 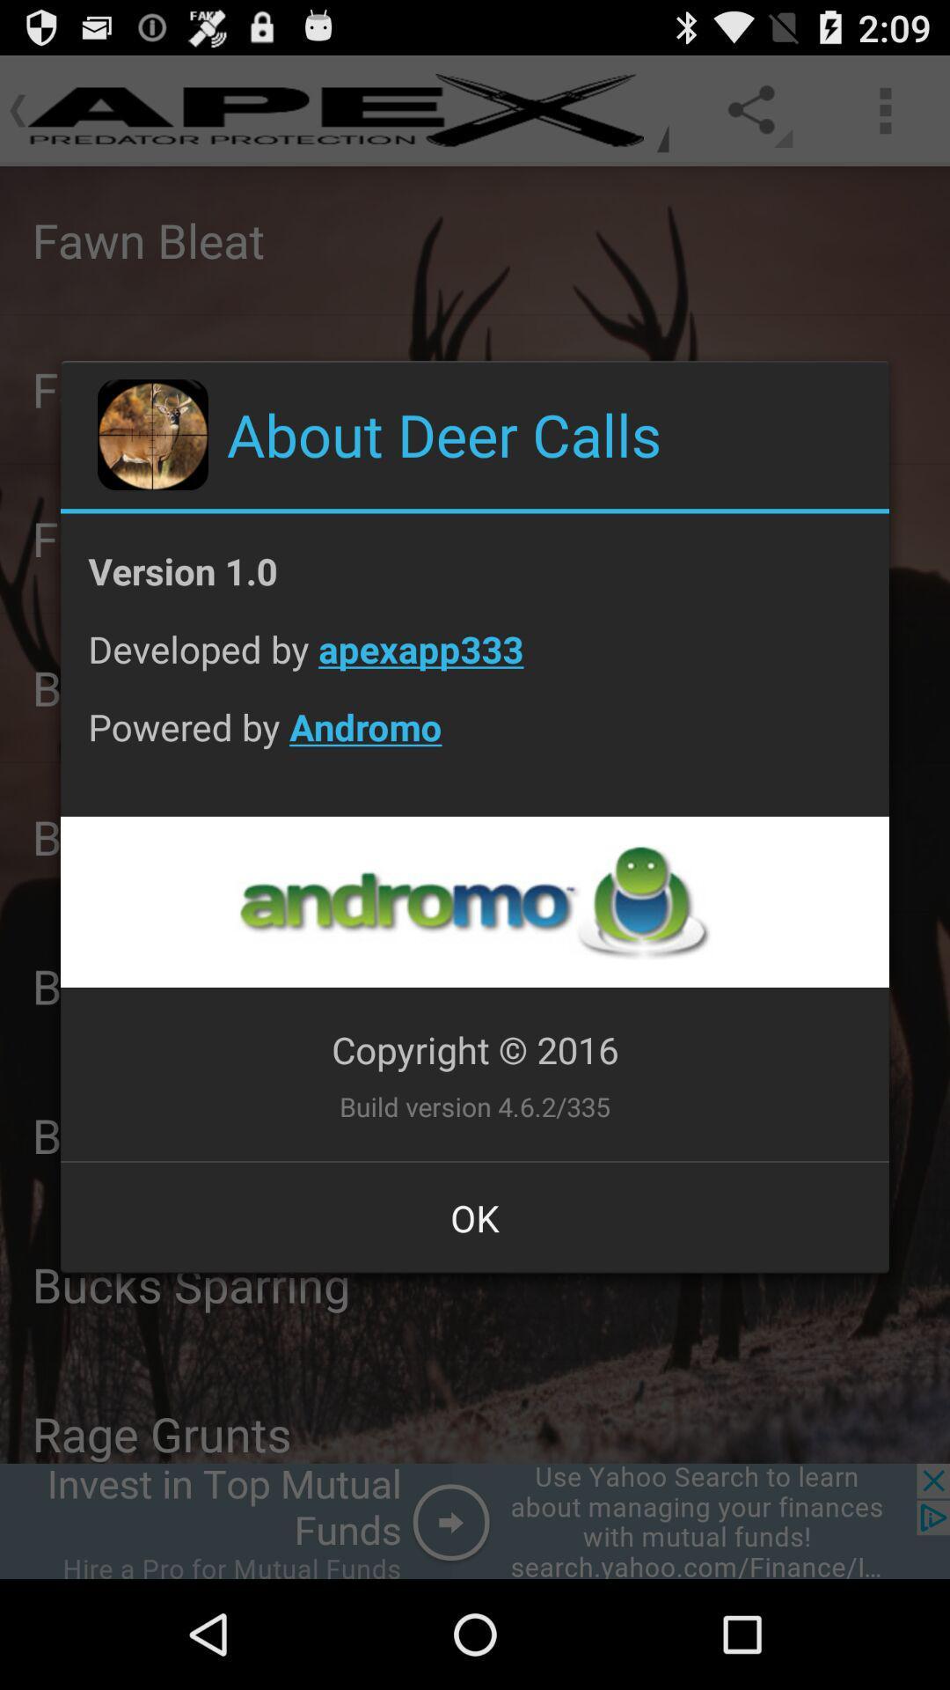 I want to click on the app above powered by andromo, so click(x=475, y=662).